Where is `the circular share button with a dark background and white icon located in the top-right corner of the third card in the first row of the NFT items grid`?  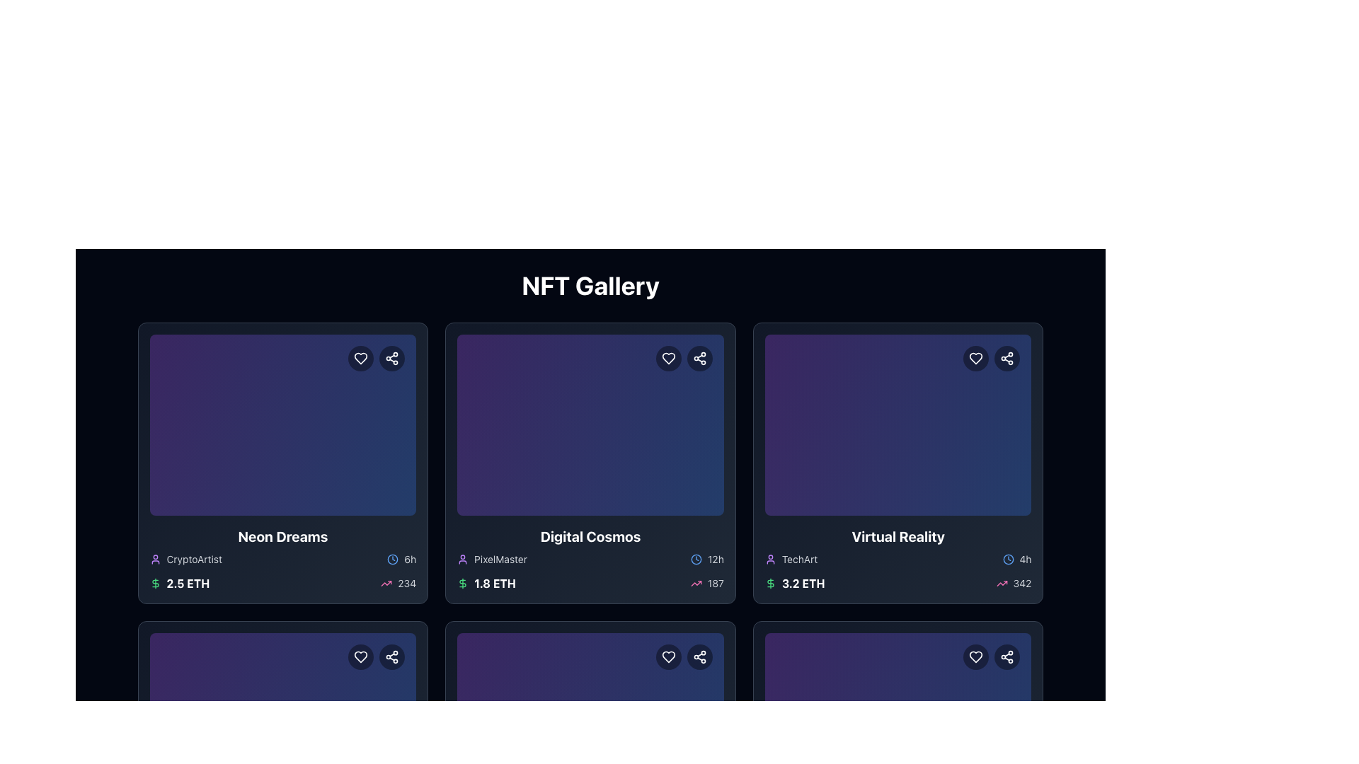
the circular share button with a dark background and white icon located in the top-right corner of the third card in the first row of the NFT items grid is located at coordinates (1007, 357).